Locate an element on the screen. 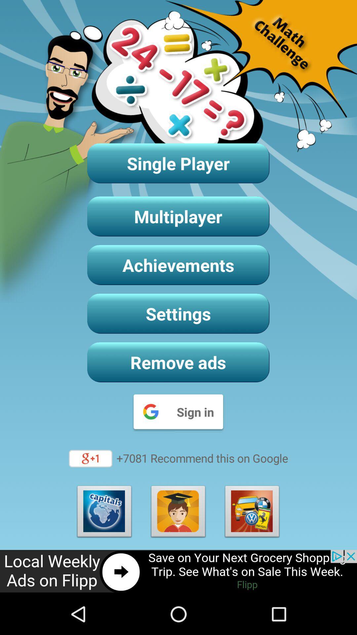  the shop icon is located at coordinates (252, 549).